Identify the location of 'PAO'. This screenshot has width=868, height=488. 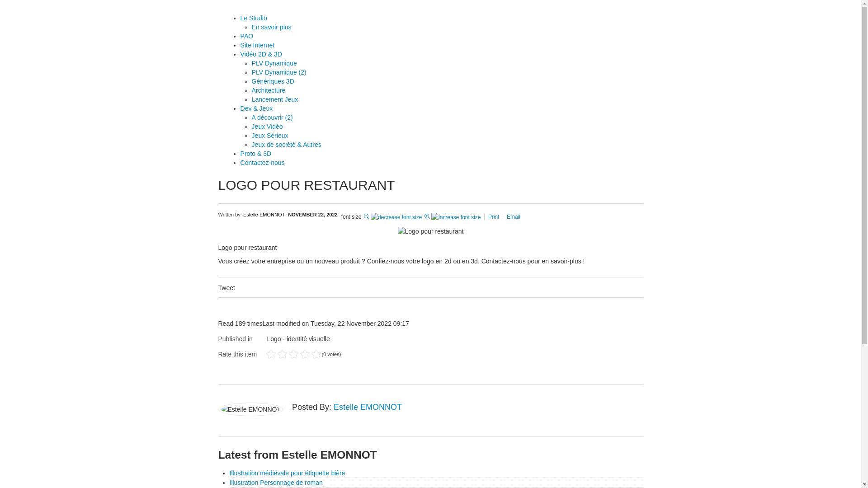
(247, 36).